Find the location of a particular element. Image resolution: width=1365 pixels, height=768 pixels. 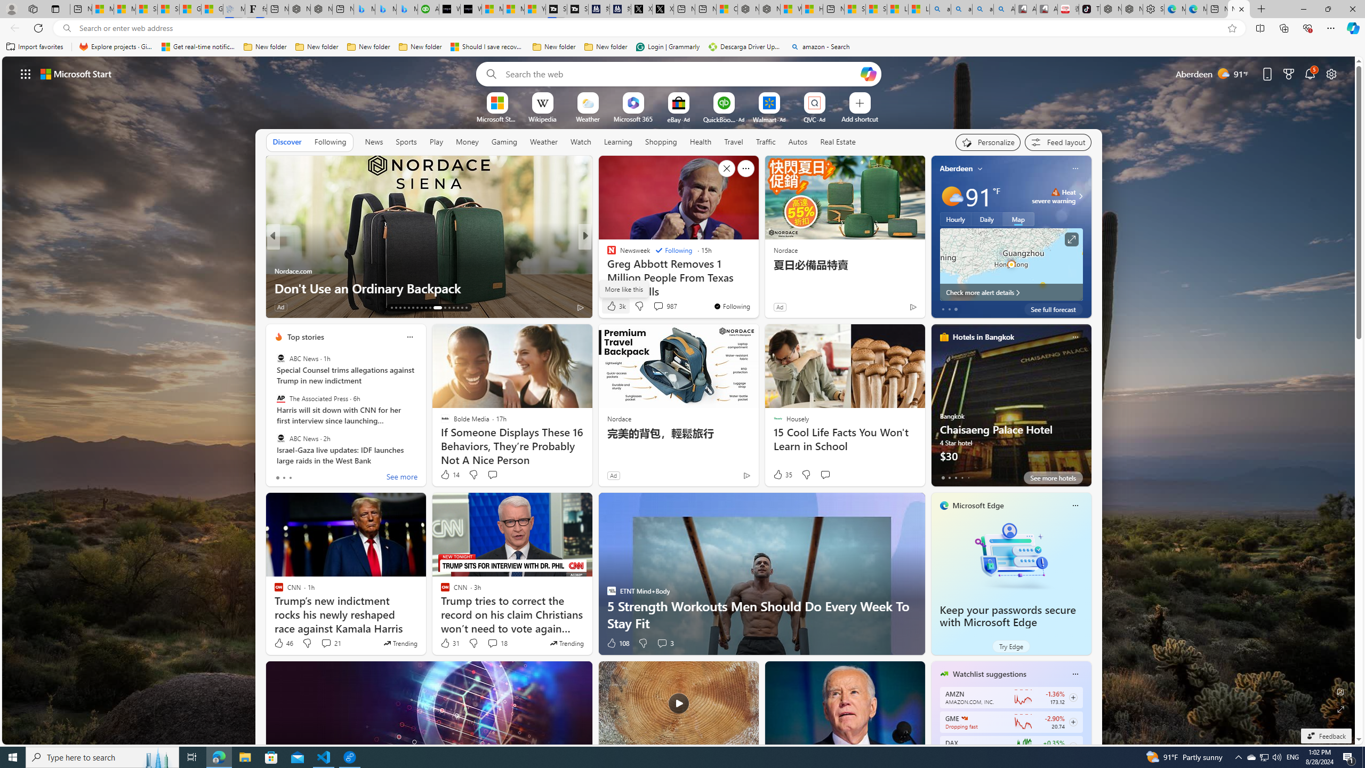

'My location' is located at coordinates (980, 168).